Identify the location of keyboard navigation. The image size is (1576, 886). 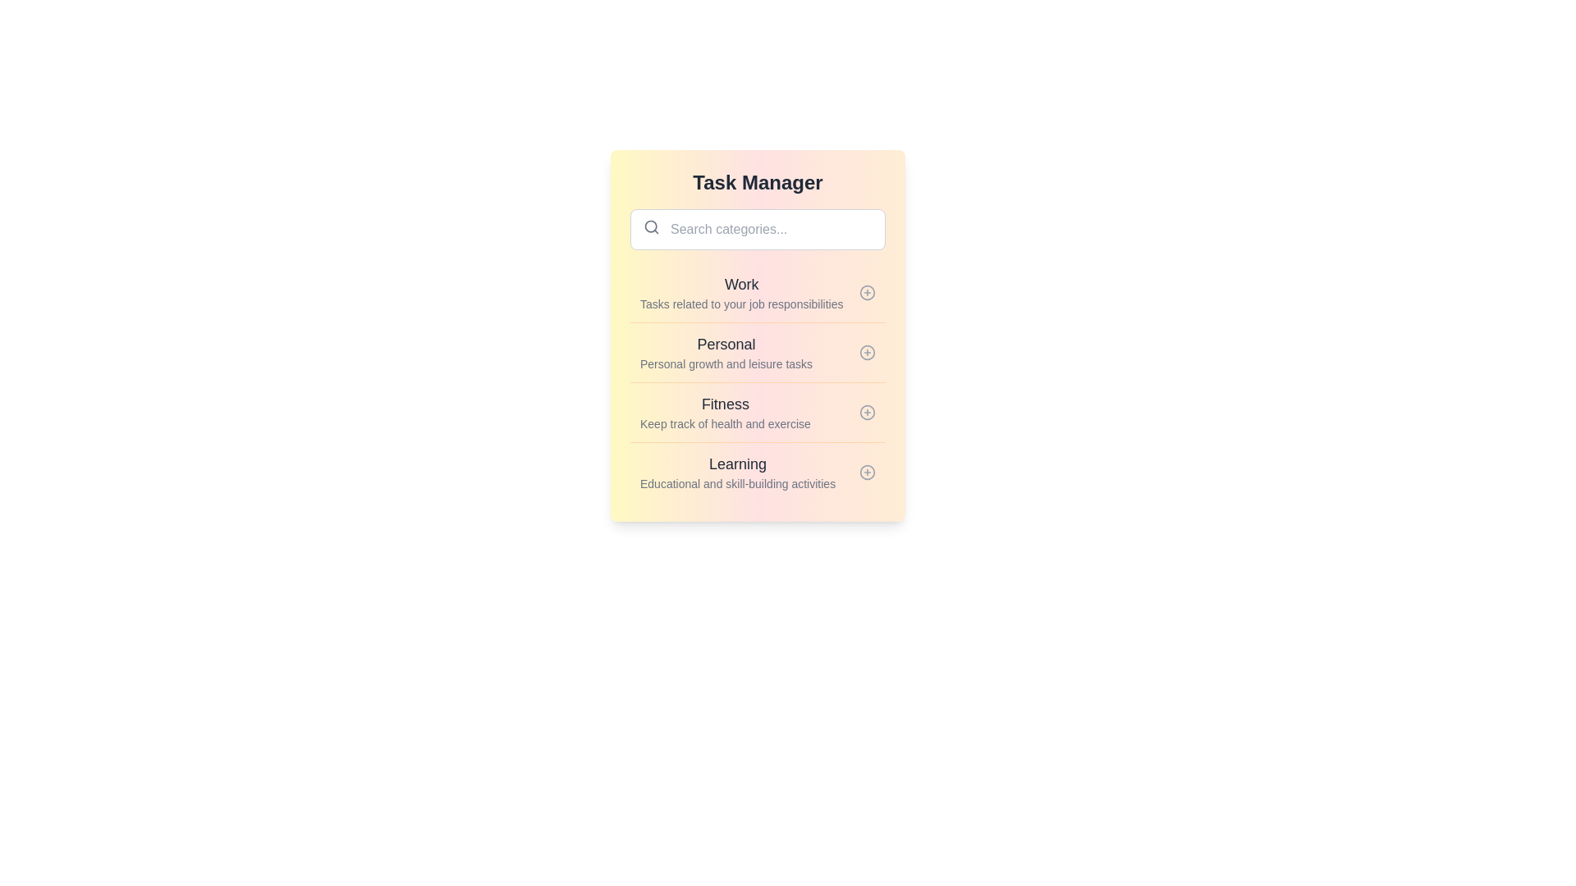
(757, 292).